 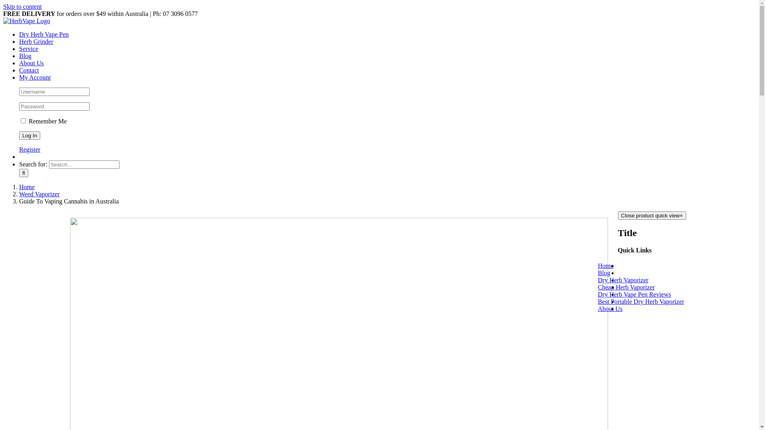 What do you see at coordinates (19, 187) in the screenshot?
I see `'Home'` at bounding box center [19, 187].